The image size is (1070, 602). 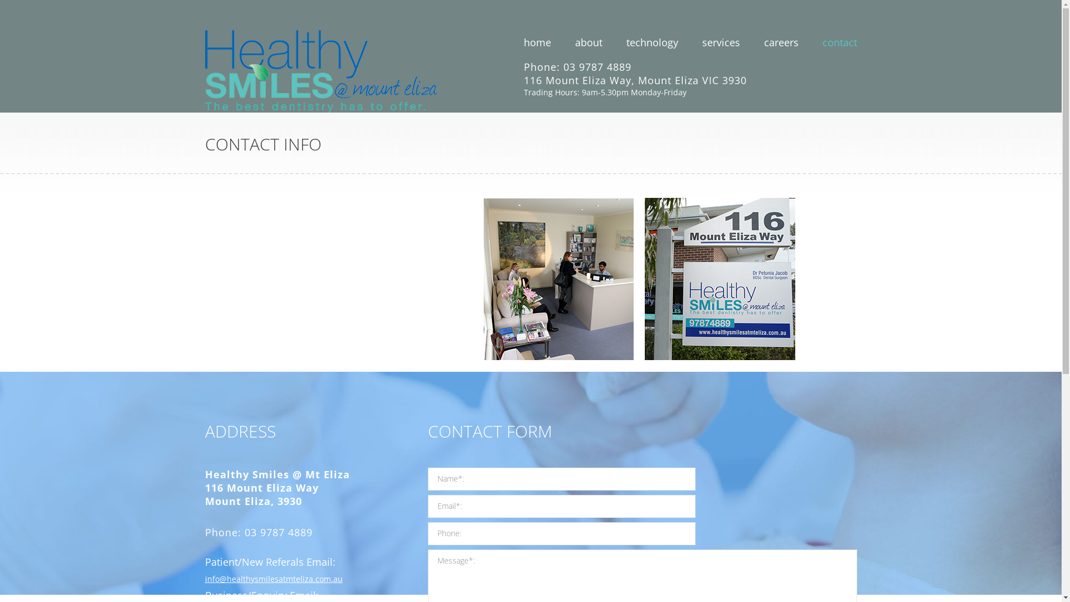 I want to click on 'info@healthysmilesatmteliza.com.au', so click(x=274, y=578).